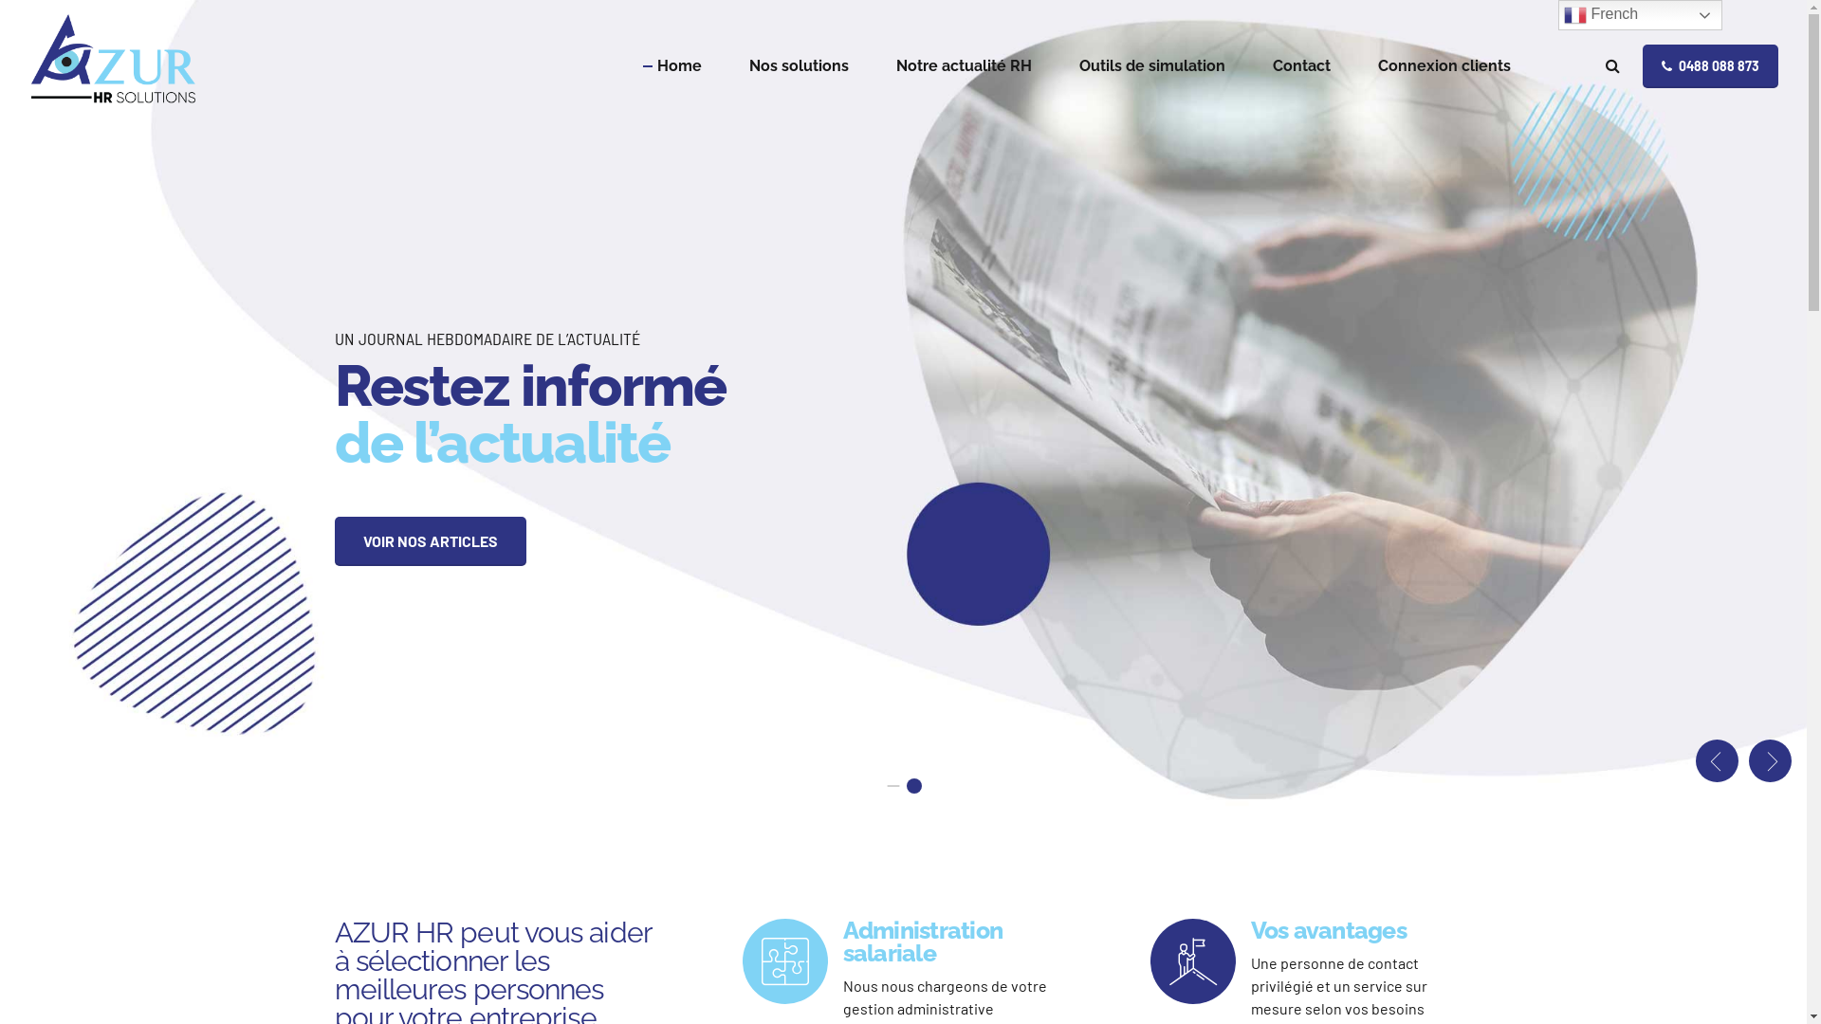 This screenshot has height=1024, width=1821. Describe the element at coordinates (748, 64) in the screenshot. I see `'Nos solutions'` at that location.